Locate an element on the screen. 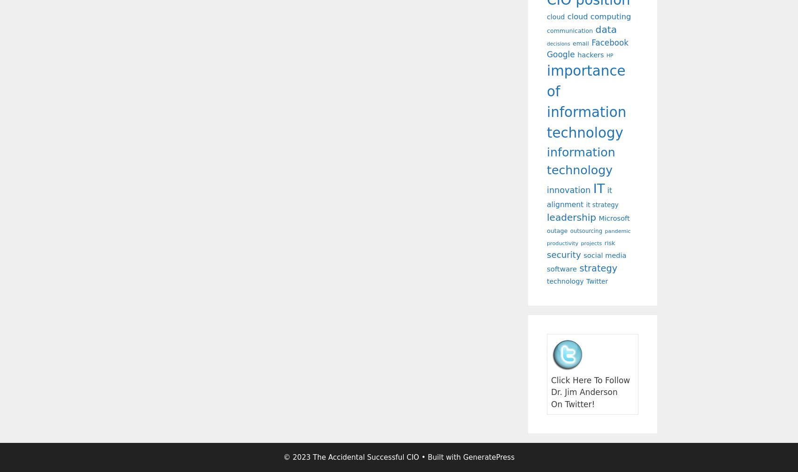  '• Built with' is located at coordinates (441, 457).